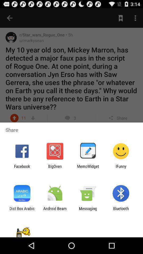 This screenshot has width=143, height=254. I want to click on the app to the right of the dict box arabic item, so click(55, 211).